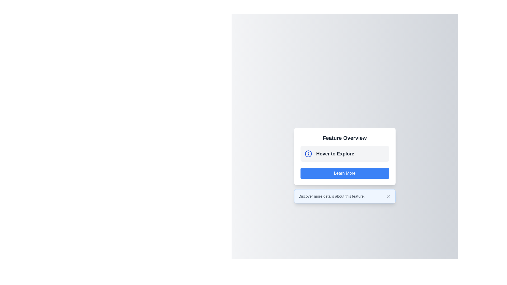 The width and height of the screenshot is (507, 285). Describe the element at coordinates (308, 154) in the screenshot. I see `the circular icon with a blue border and 'i' symbol located to the left of the text 'Hover` at that location.